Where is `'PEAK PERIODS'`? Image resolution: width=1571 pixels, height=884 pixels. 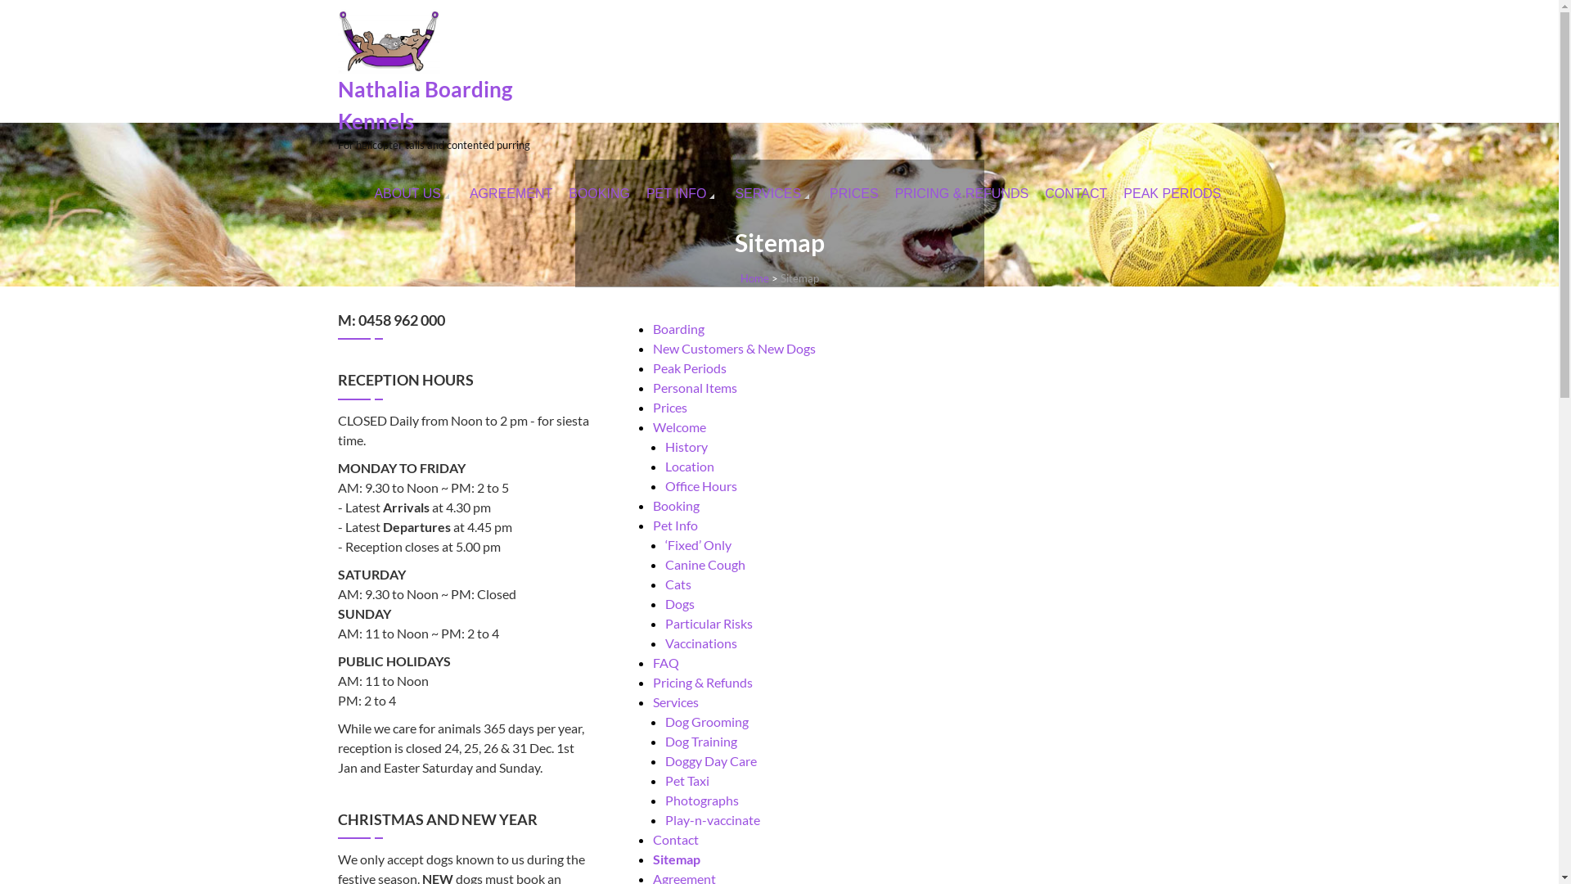 'PEAK PERIODS' is located at coordinates (1171, 192).